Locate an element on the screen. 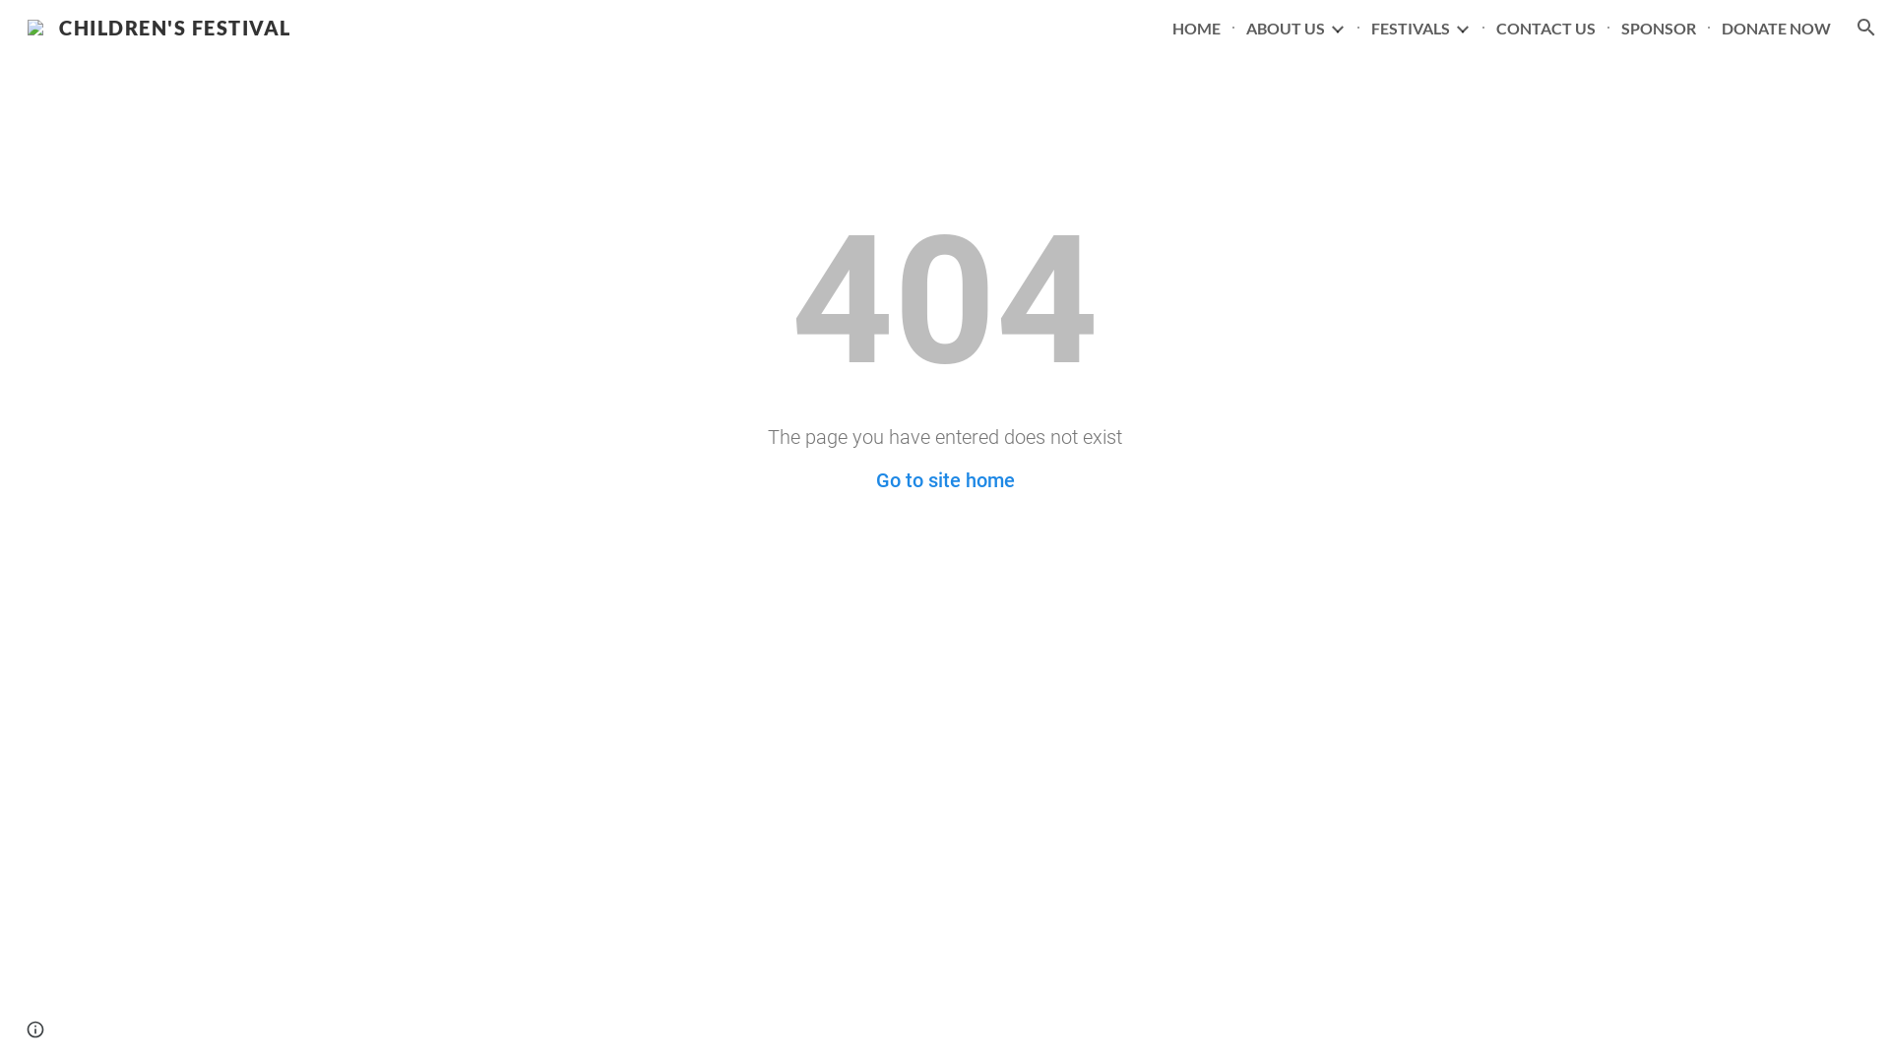 The width and height of the screenshot is (1890, 1063). 'Expand/Collapse' is located at coordinates (1453, 27).